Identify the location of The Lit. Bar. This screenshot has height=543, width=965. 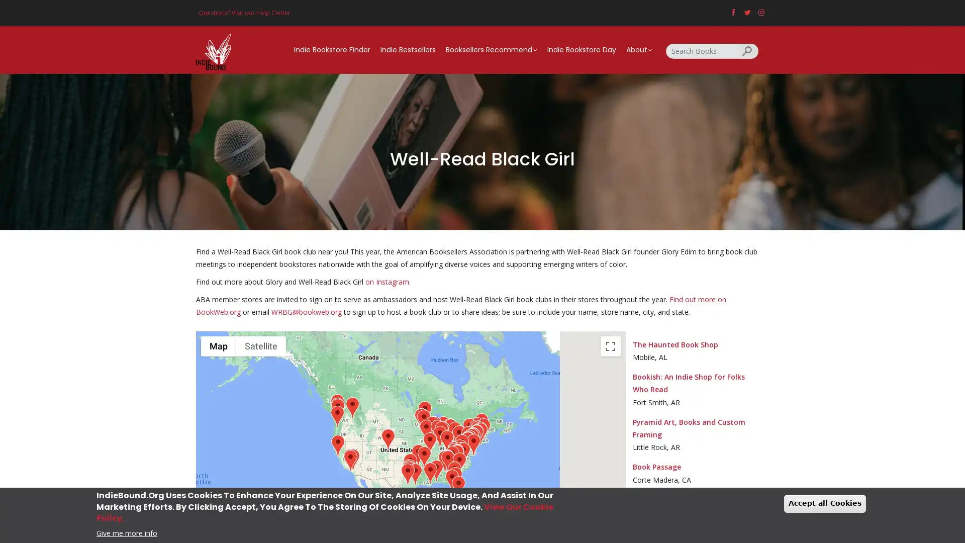
(475, 434).